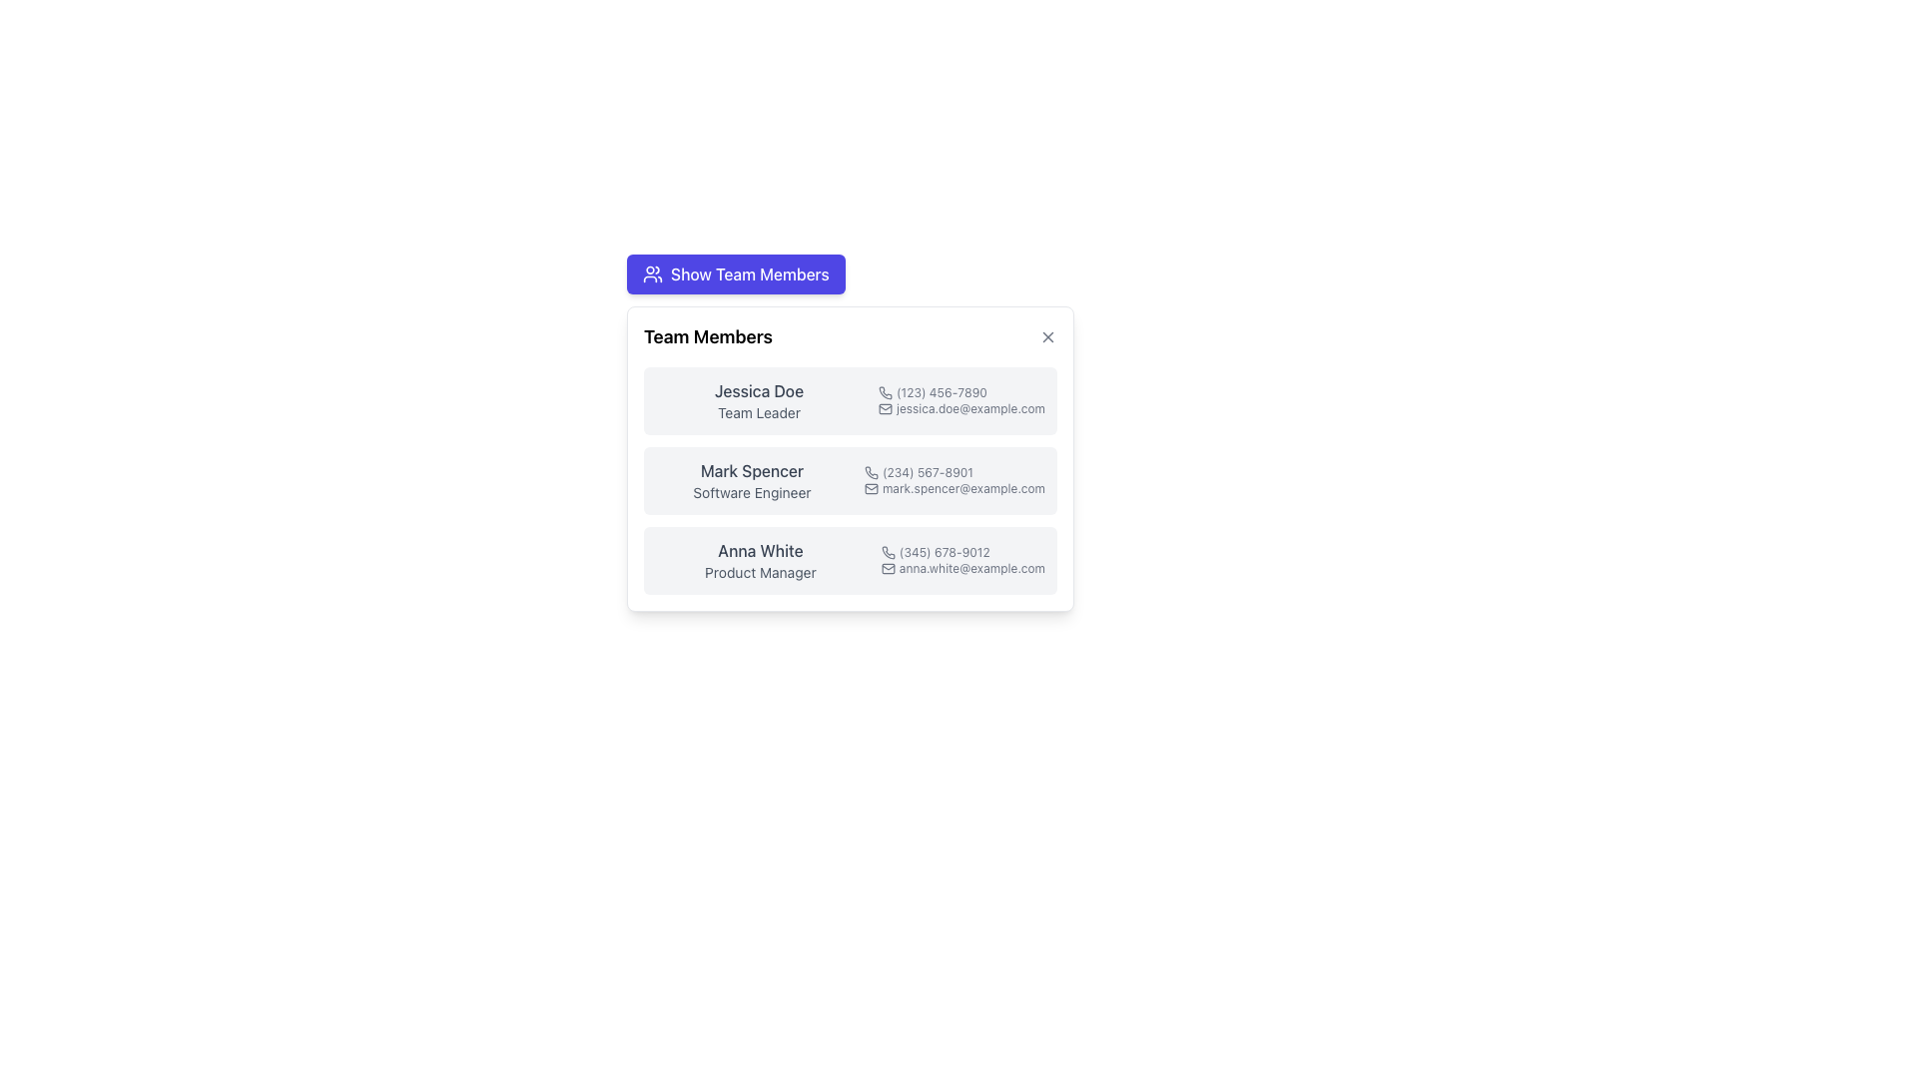  What do you see at coordinates (758, 400) in the screenshot?
I see `the text display showing 'Jessica Doe' and 'Team Leader' in the upper left corner of the contact card` at bounding box center [758, 400].